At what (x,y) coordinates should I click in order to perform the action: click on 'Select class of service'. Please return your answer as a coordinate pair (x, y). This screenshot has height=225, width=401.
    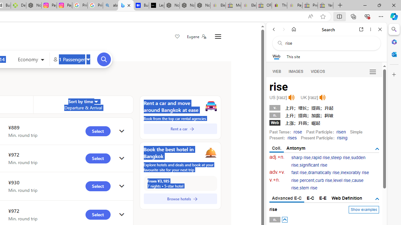
    Looking at the image, I should click on (31, 60).